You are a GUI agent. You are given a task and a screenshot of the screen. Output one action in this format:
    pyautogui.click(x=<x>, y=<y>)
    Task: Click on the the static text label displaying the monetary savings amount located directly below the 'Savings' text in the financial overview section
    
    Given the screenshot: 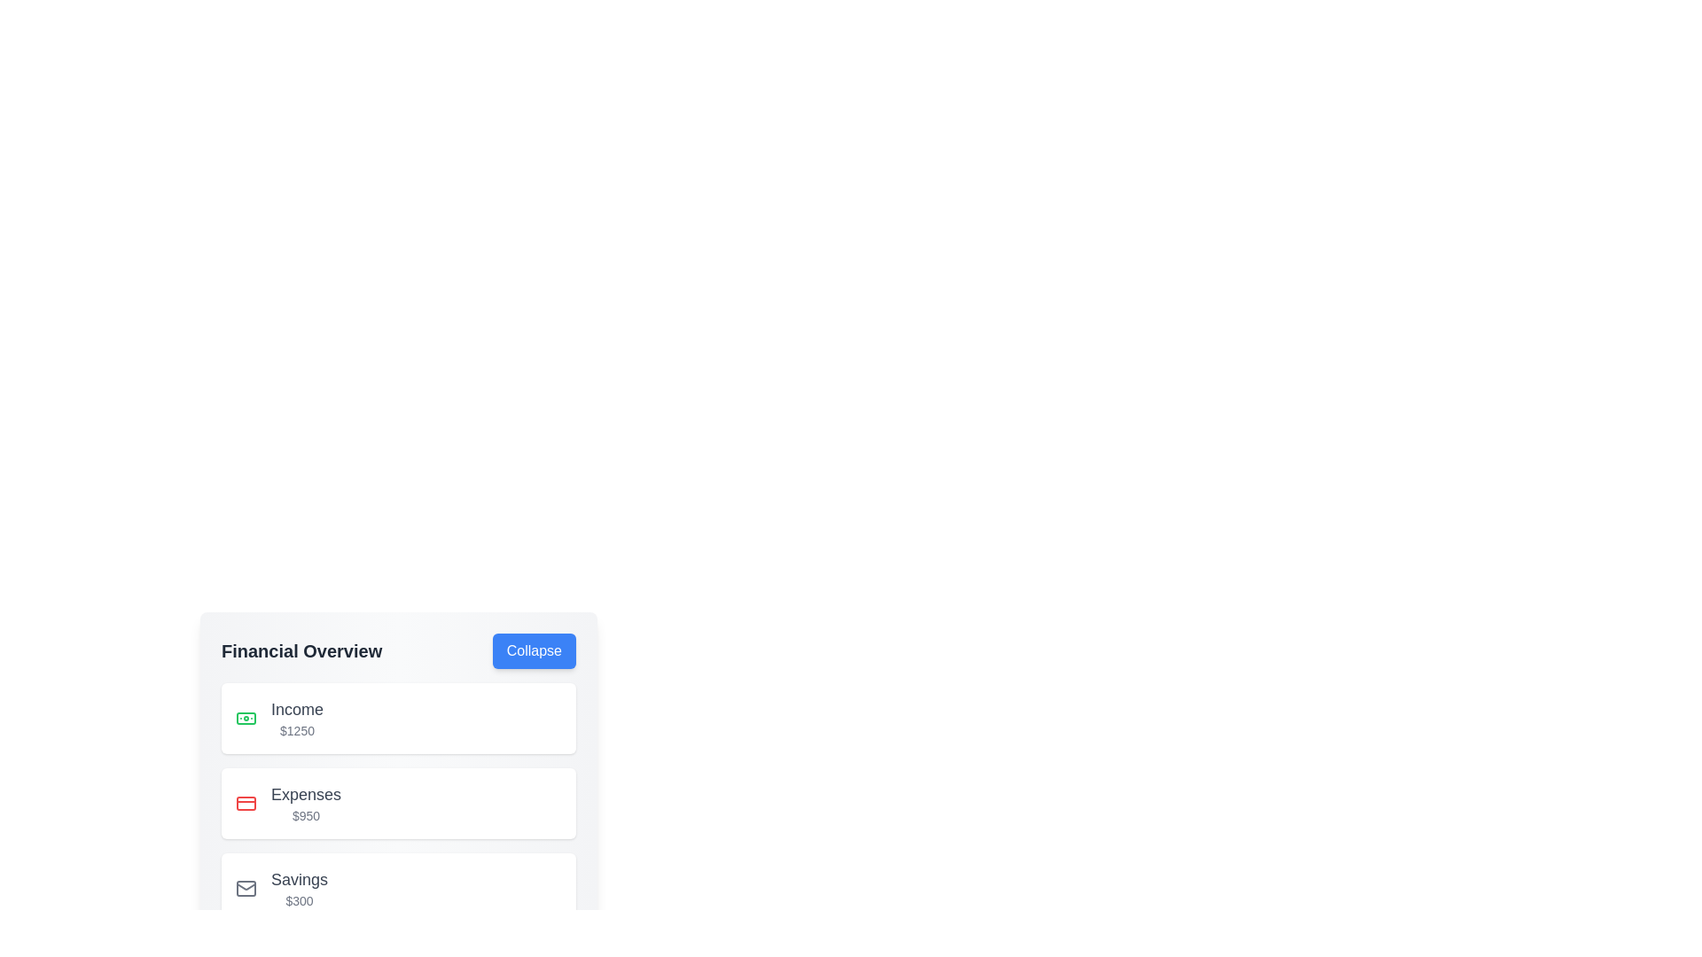 What is the action you would take?
    pyautogui.click(x=300, y=901)
    